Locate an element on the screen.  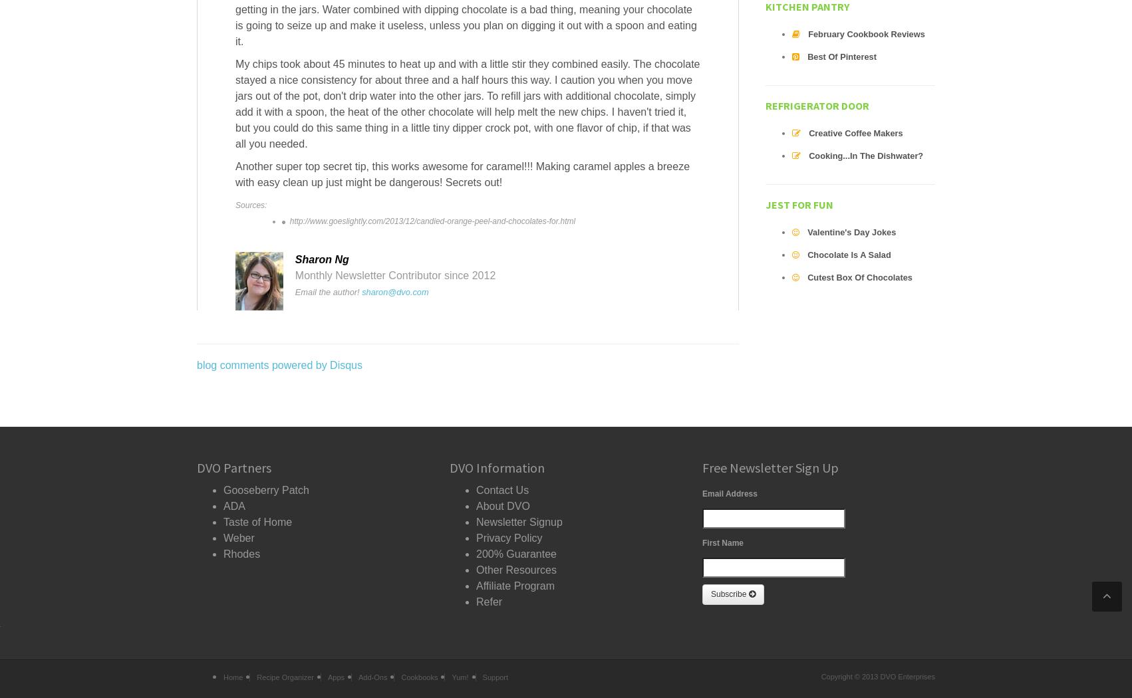
'Valentine's Day Jokes' is located at coordinates (851, 231).